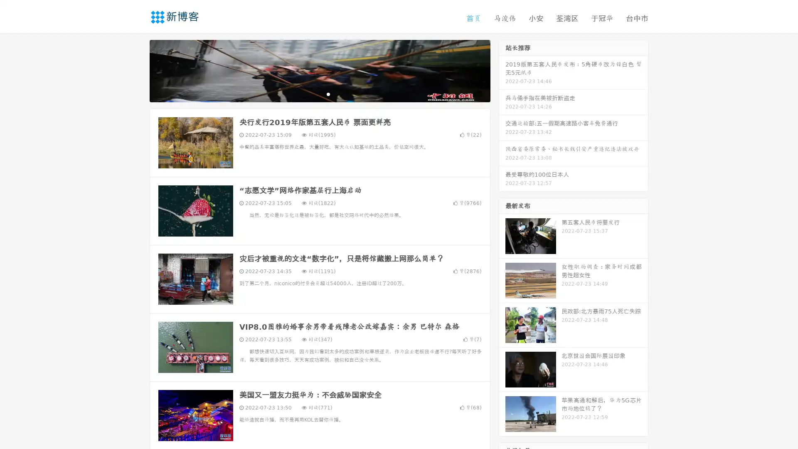 The height and width of the screenshot is (449, 798). Describe the element at coordinates (311, 94) in the screenshot. I see `Go to slide 1` at that location.